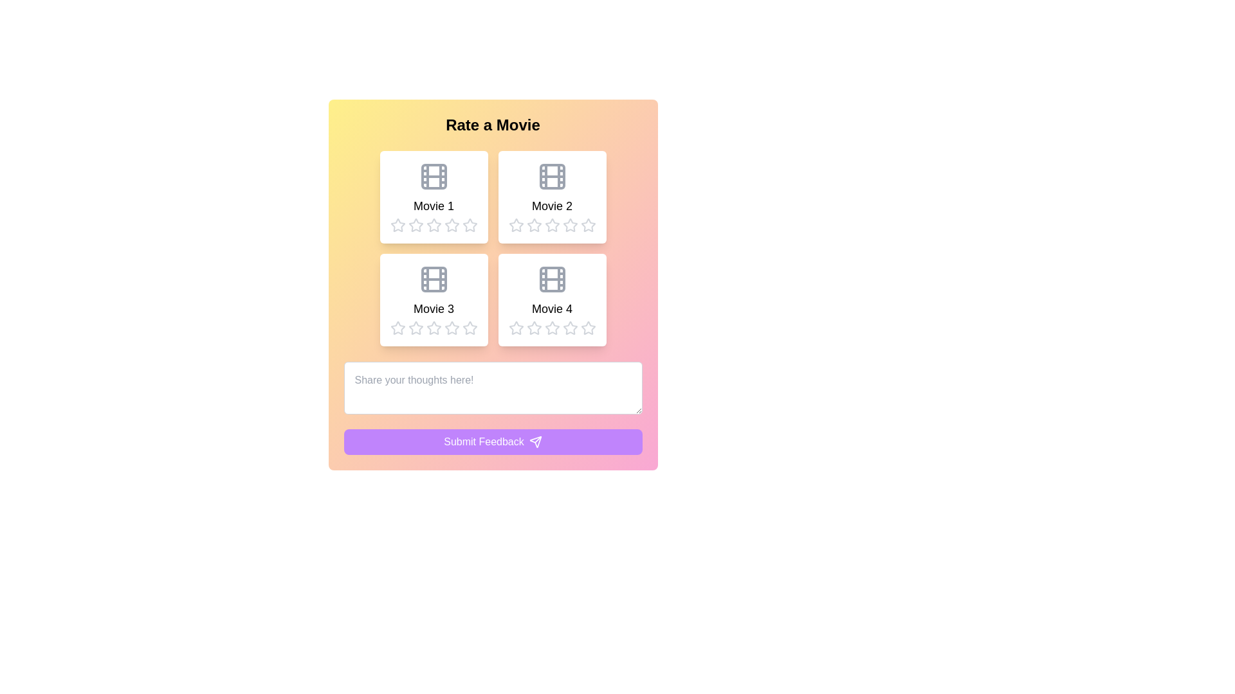 The width and height of the screenshot is (1235, 694). What do you see at coordinates (552, 309) in the screenshot?
I see `the 'Movie 4' label, which is a bold text element positioned centrally within the lower-right movie card in a grid layout` at bounding box center [552, 309].